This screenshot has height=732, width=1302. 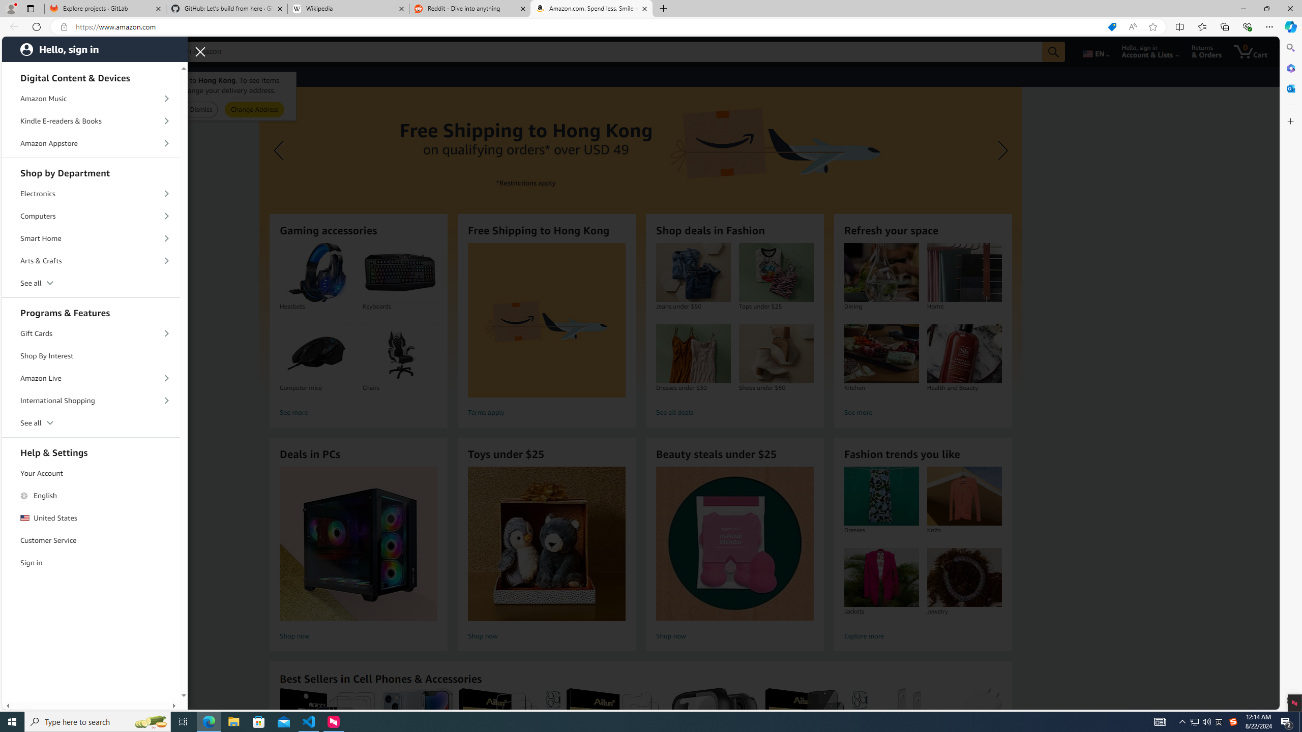 What do you see at coordinates (91, 517) in the screenshot?
I see `'United States'` at bounding box center [91, 517].